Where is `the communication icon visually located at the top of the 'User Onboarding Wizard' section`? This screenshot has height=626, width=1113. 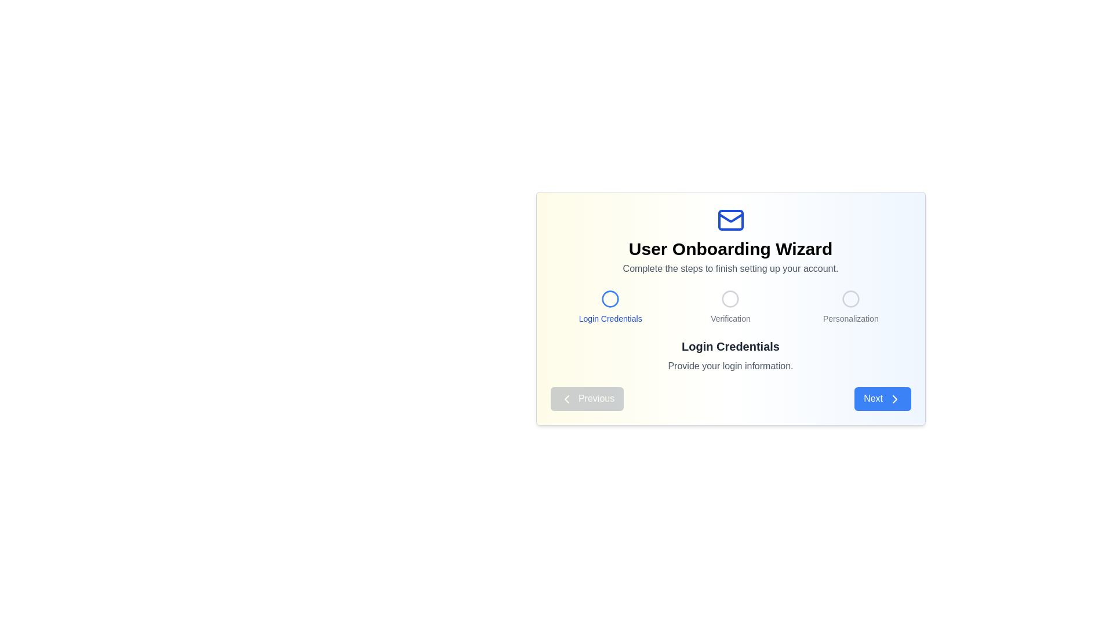
the communication icon visually located at the top of the 'User Onboarding Wizard' section is located at coordinates (730, 220).